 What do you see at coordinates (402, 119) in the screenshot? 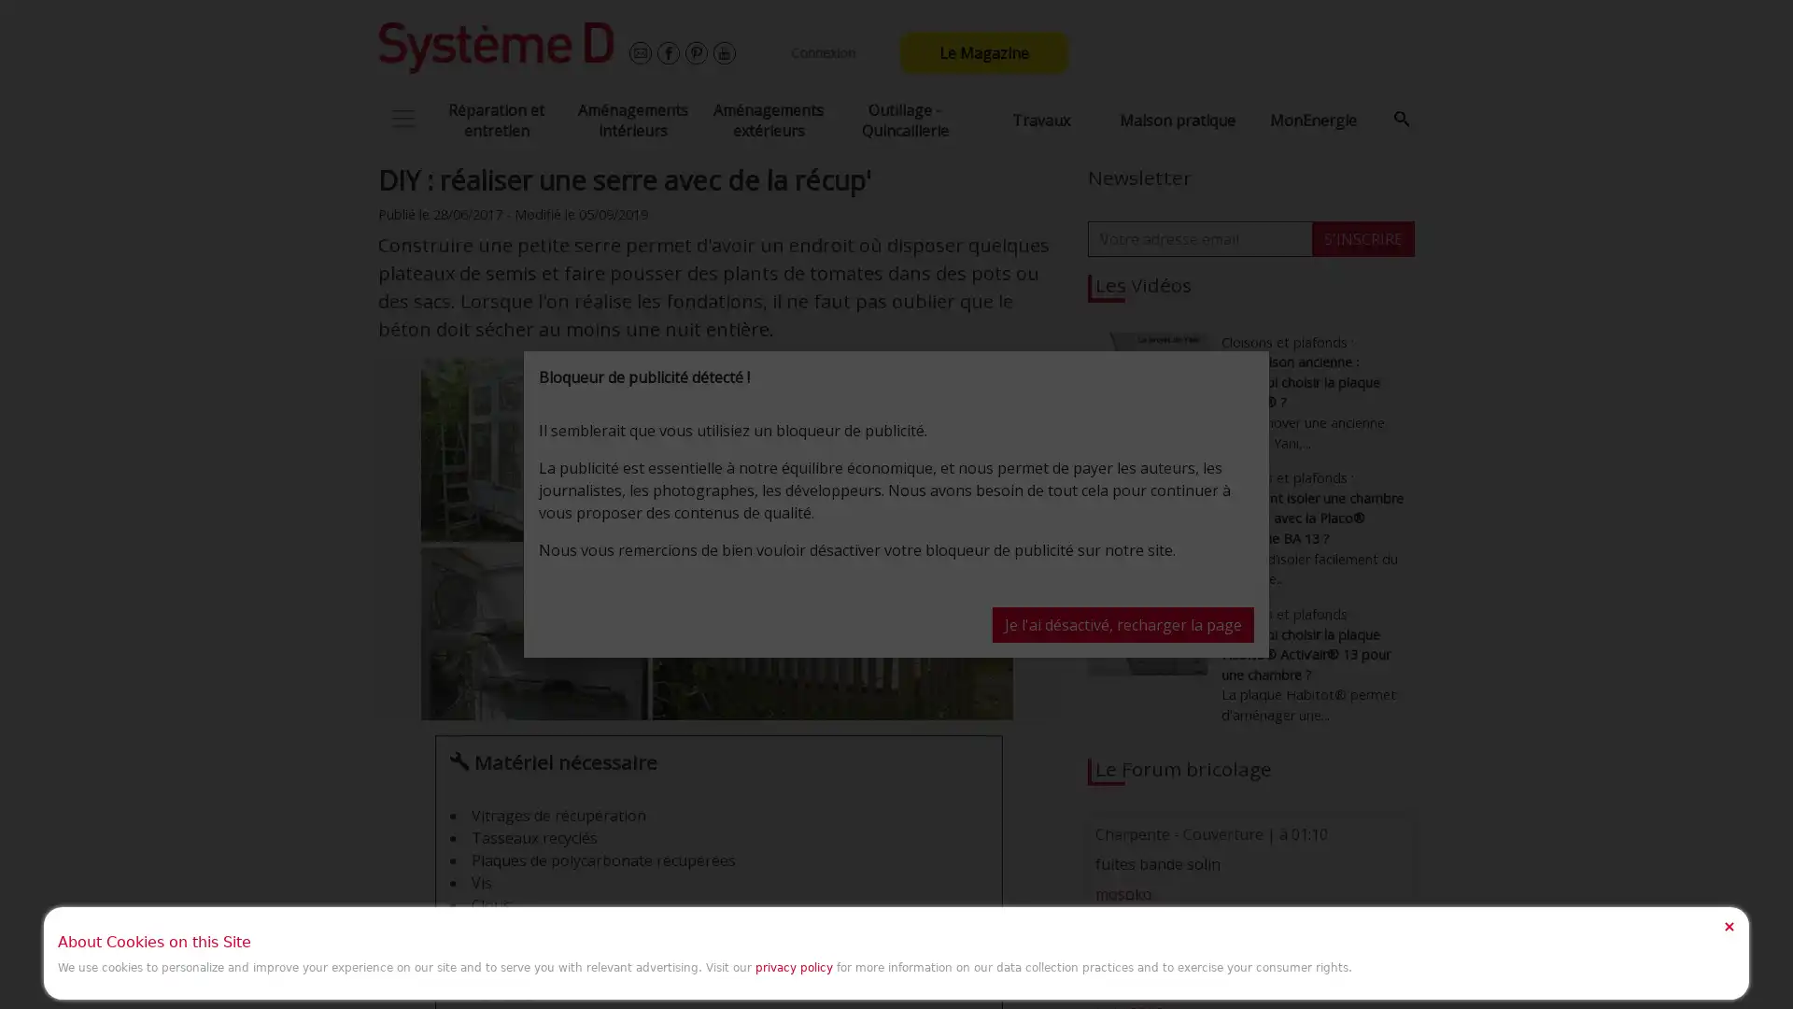
I see `Toggle navigation` at bounding box center [402, 119].